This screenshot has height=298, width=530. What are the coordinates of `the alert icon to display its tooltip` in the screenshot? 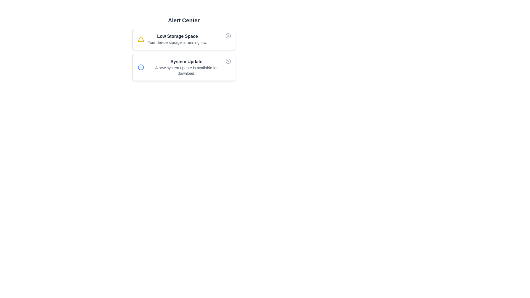 It's located at (141, 39).